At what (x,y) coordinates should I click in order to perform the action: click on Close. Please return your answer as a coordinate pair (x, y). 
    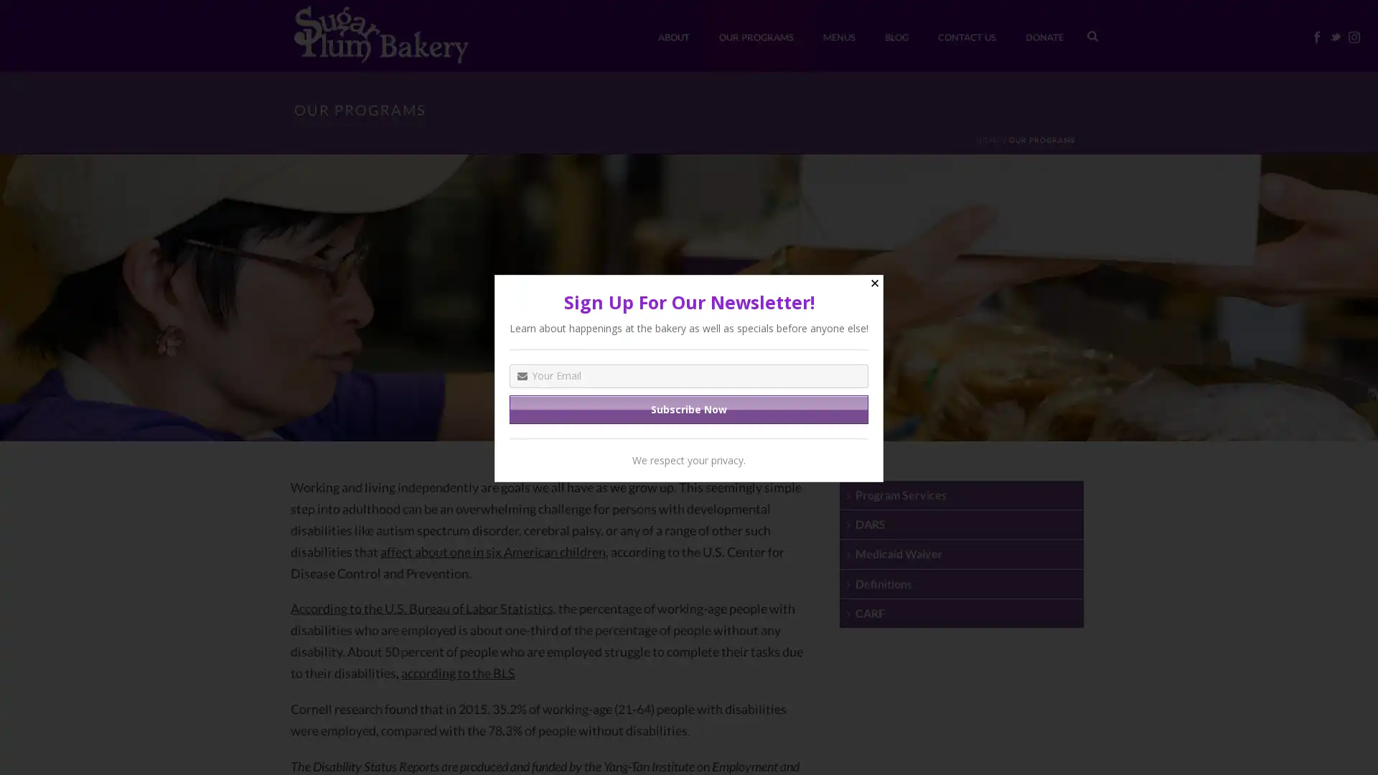
    Looking at the image, I should click on (873, 283).